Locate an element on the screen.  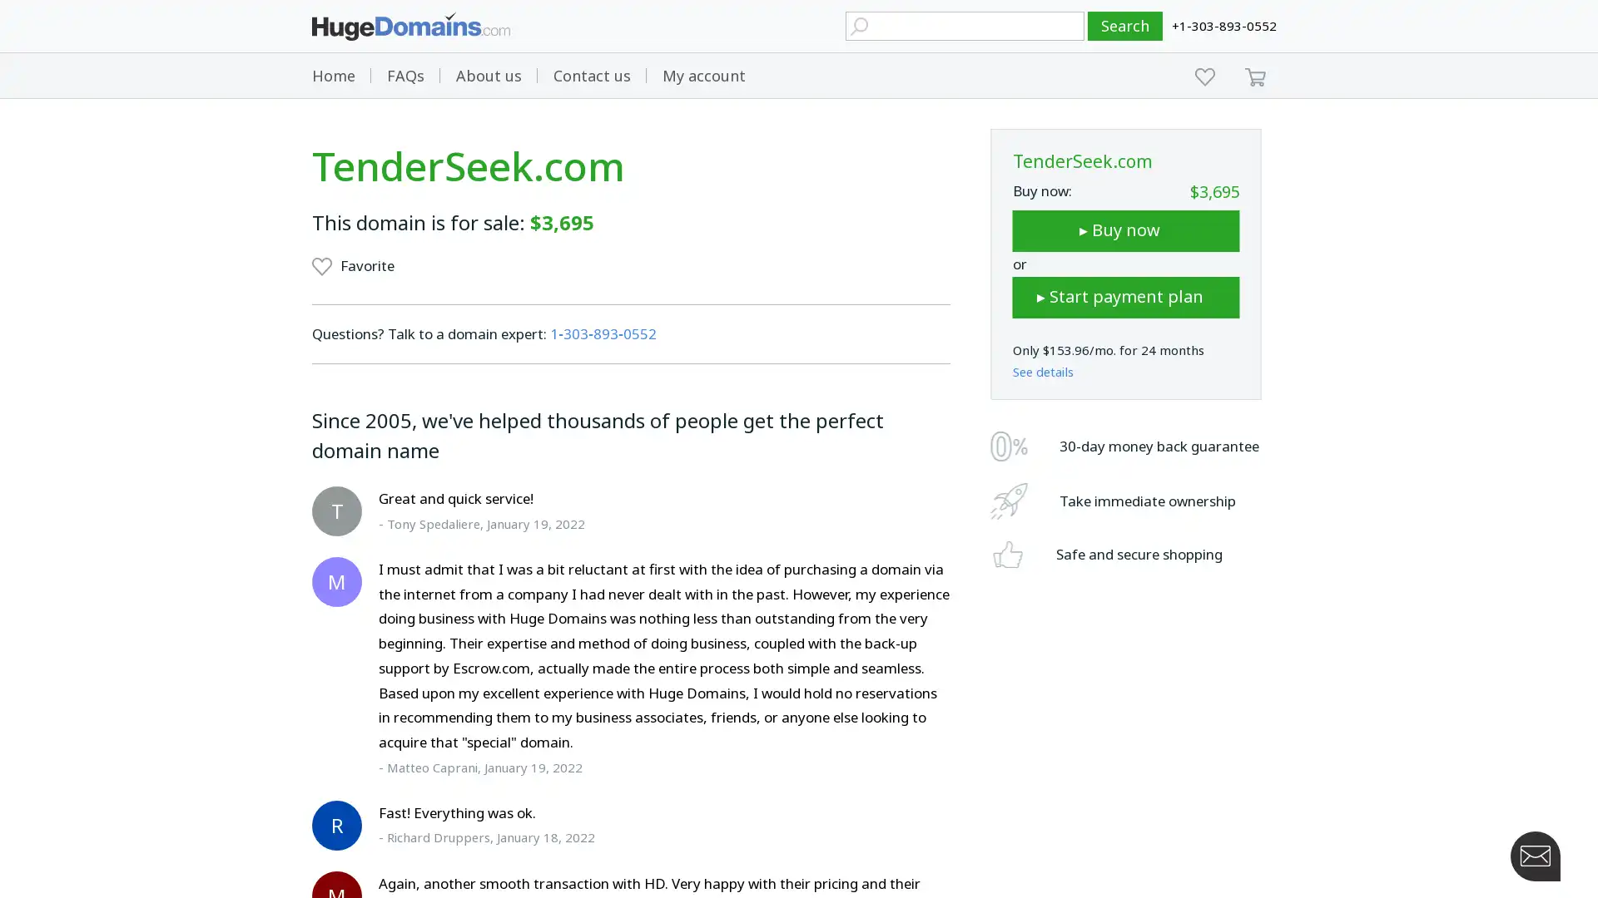
Search is located at coordinates (1125, 26).